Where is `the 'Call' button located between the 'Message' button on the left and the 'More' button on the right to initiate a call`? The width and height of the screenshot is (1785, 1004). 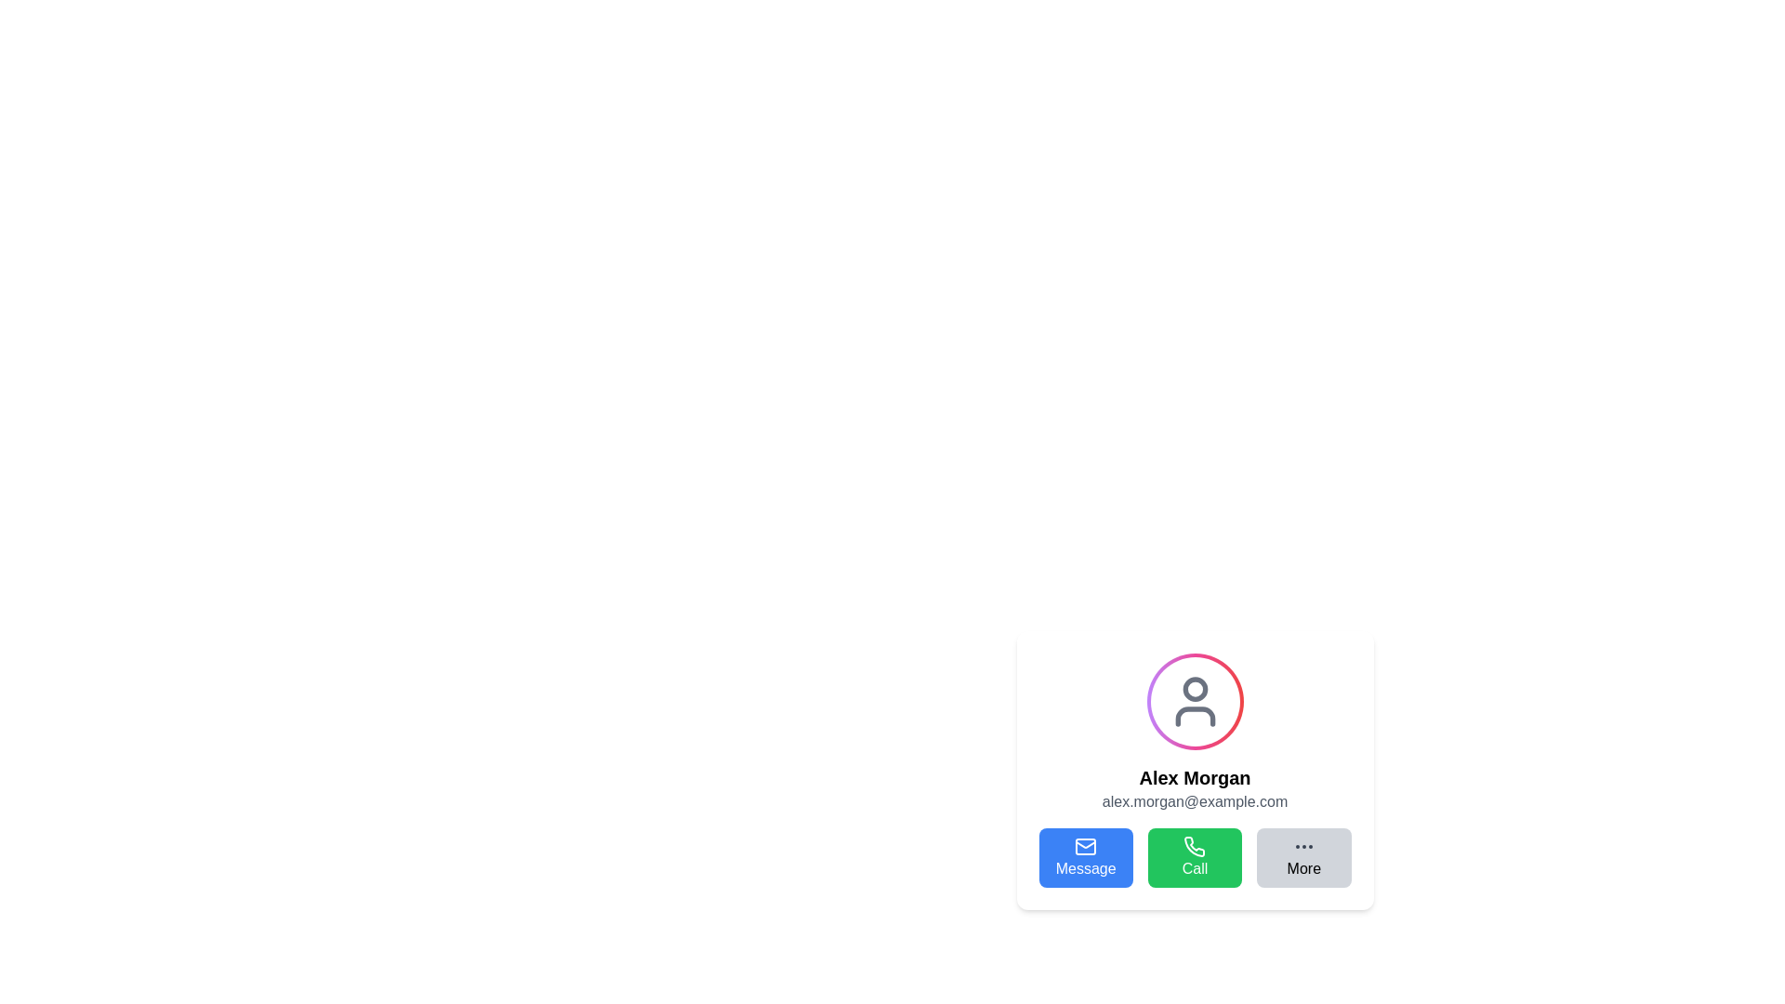
the 'Call' button located between the 'Message' button on the left and the 'More' button on the right to initiate a call is located at coordinates (1195, 857).